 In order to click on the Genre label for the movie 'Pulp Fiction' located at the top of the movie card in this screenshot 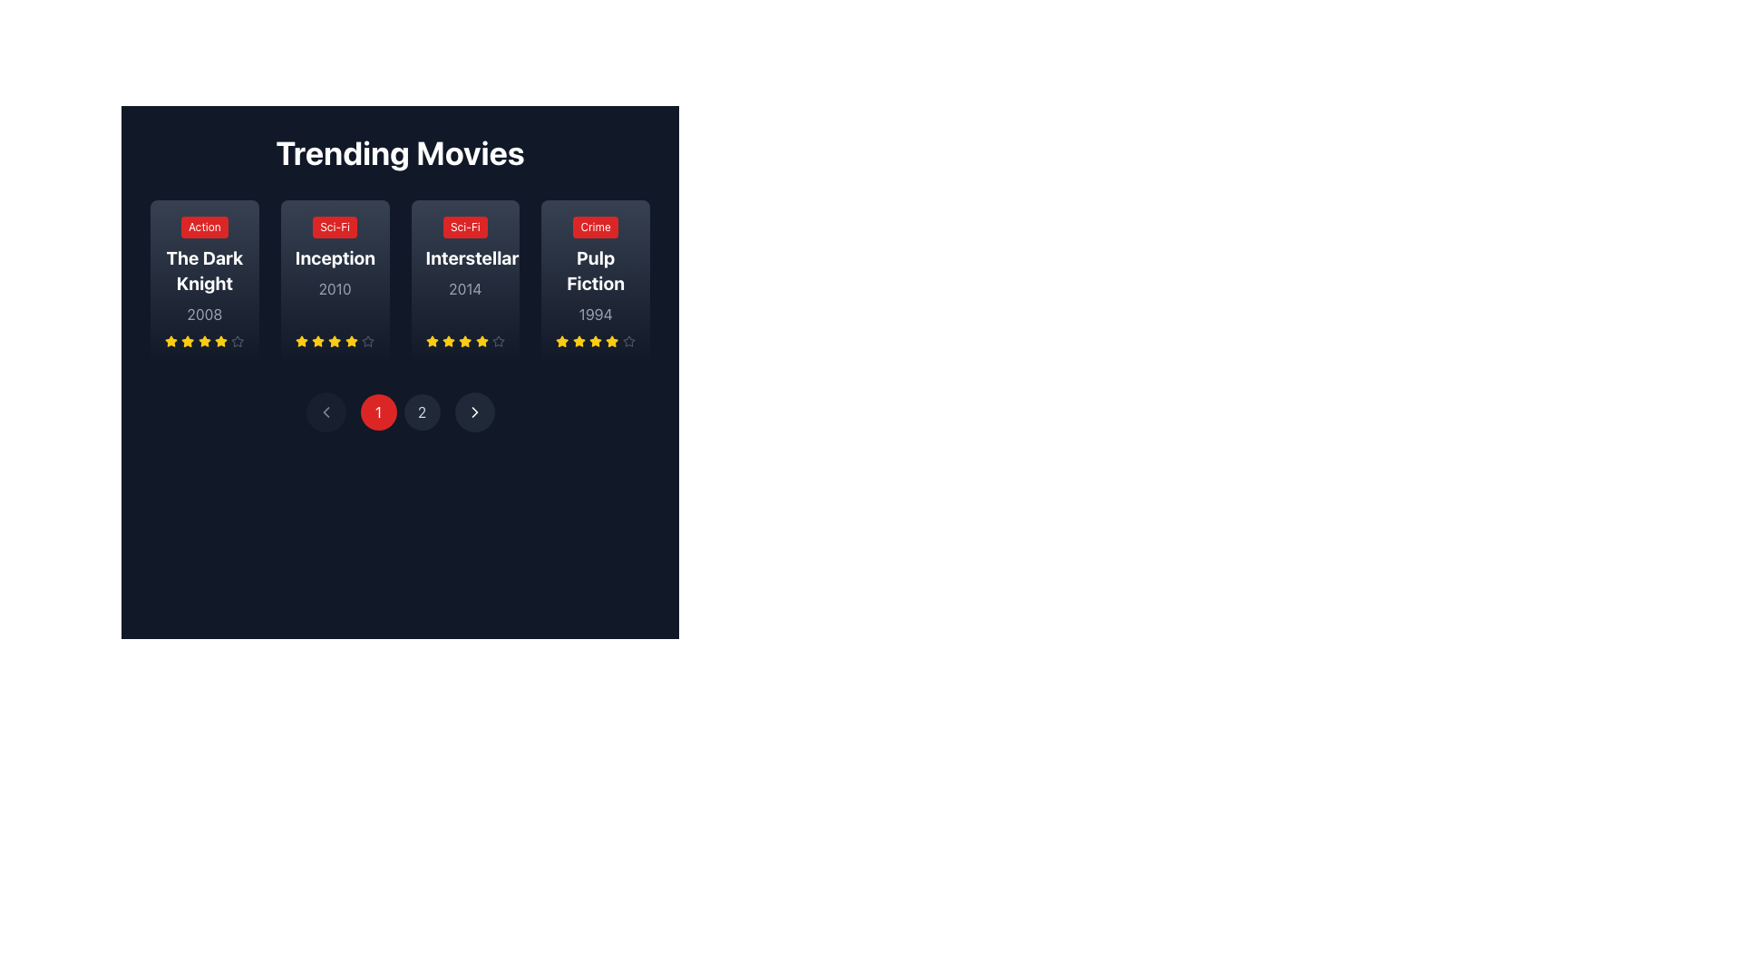, I will do `click(596, 226)`.